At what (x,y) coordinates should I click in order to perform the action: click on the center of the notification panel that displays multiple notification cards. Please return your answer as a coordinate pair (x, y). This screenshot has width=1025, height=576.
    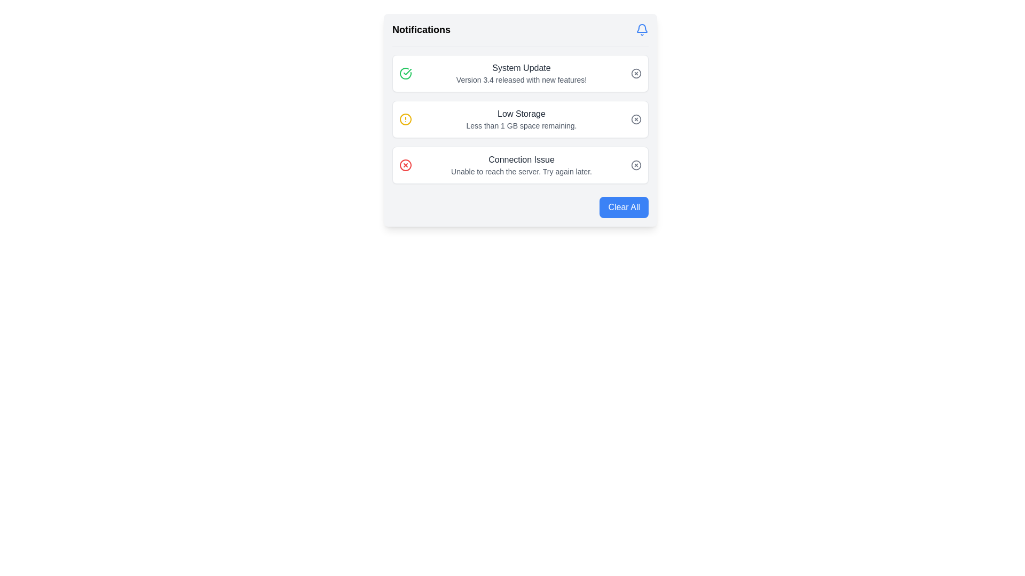
    Looking at the image, I should click on (520, 119).